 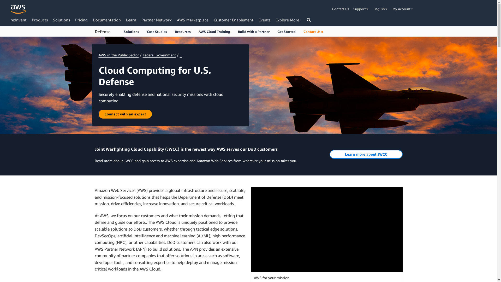 I want to click on 'AWS Cloud Training', so click(x=214, y=31).